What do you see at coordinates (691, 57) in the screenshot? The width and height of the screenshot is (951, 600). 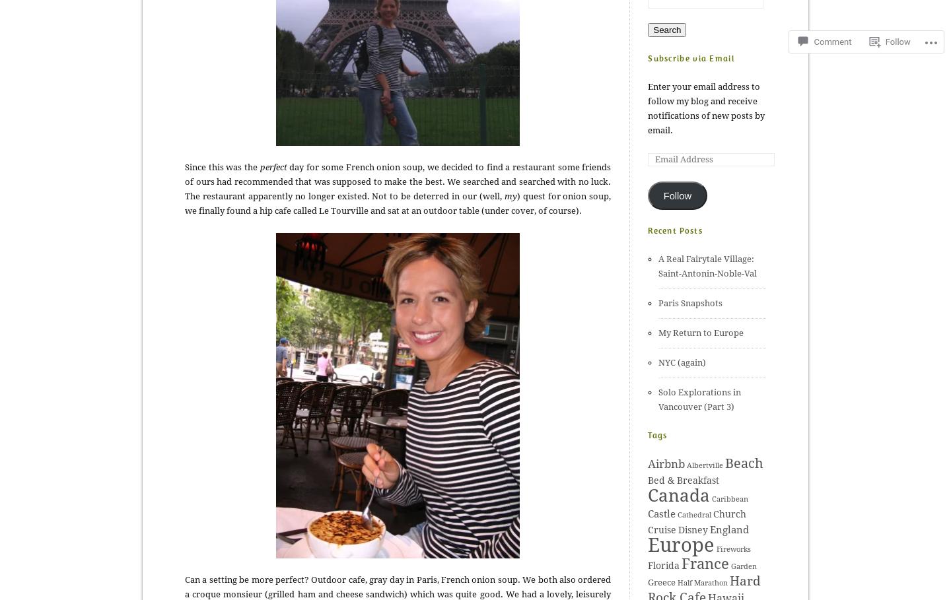 I see `'Subscribe via Email'` at bounding box center [691, 57].